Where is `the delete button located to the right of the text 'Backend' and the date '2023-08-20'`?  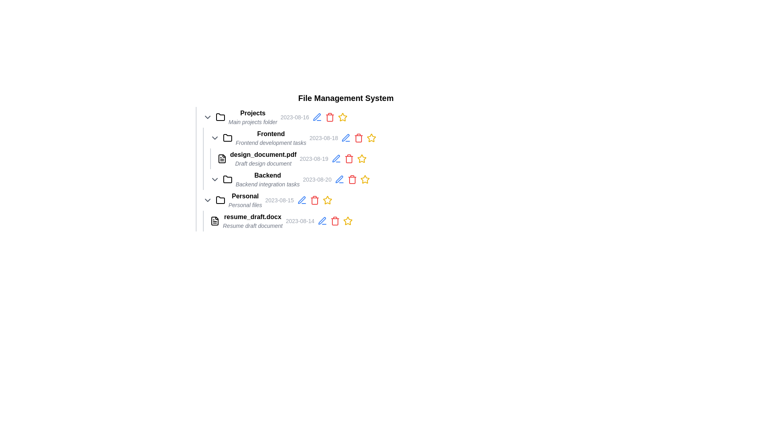
the delete button located to the right of the text 'Backend' and the date '2023-08-20' is located at coordinates (352, 180).